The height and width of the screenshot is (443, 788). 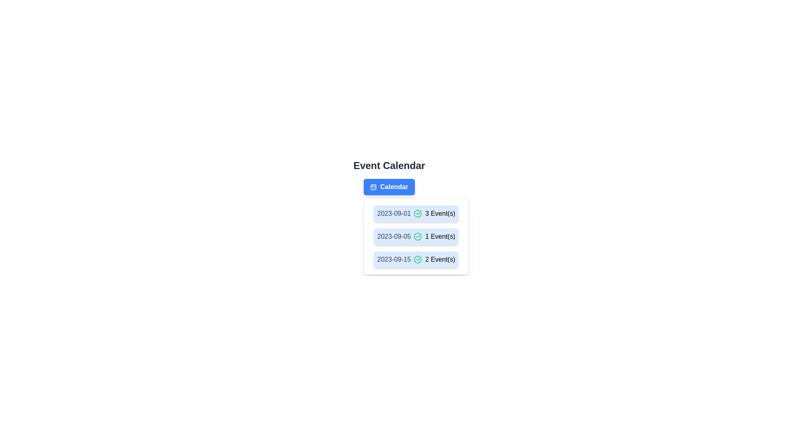 I want to click on the verification icon indicating the completed state of the three events, located to the left of the text '3 Event(s)' and horizontally aligned with the date '2023-09-01', so click(x=418, y=213).